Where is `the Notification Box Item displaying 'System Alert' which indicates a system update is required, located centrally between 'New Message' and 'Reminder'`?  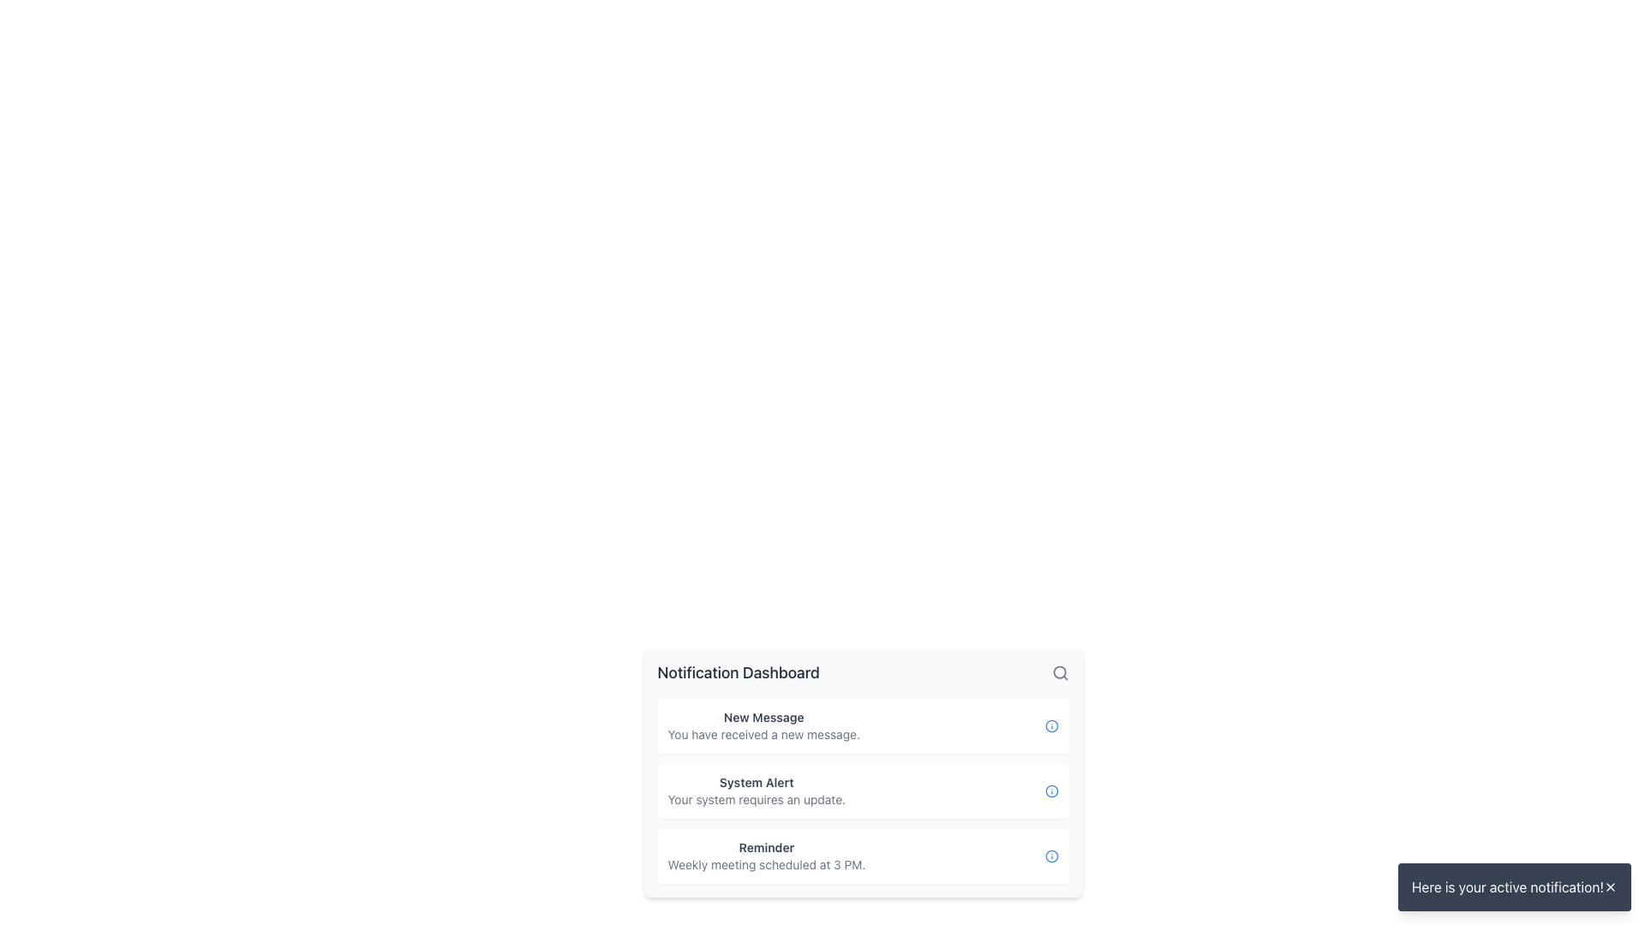 the Notification Box Item displaying 'System Alert' which indicates a system update is required, located centrally between 'New Message' and 'Reminder' is located at coordinates (863, 773).